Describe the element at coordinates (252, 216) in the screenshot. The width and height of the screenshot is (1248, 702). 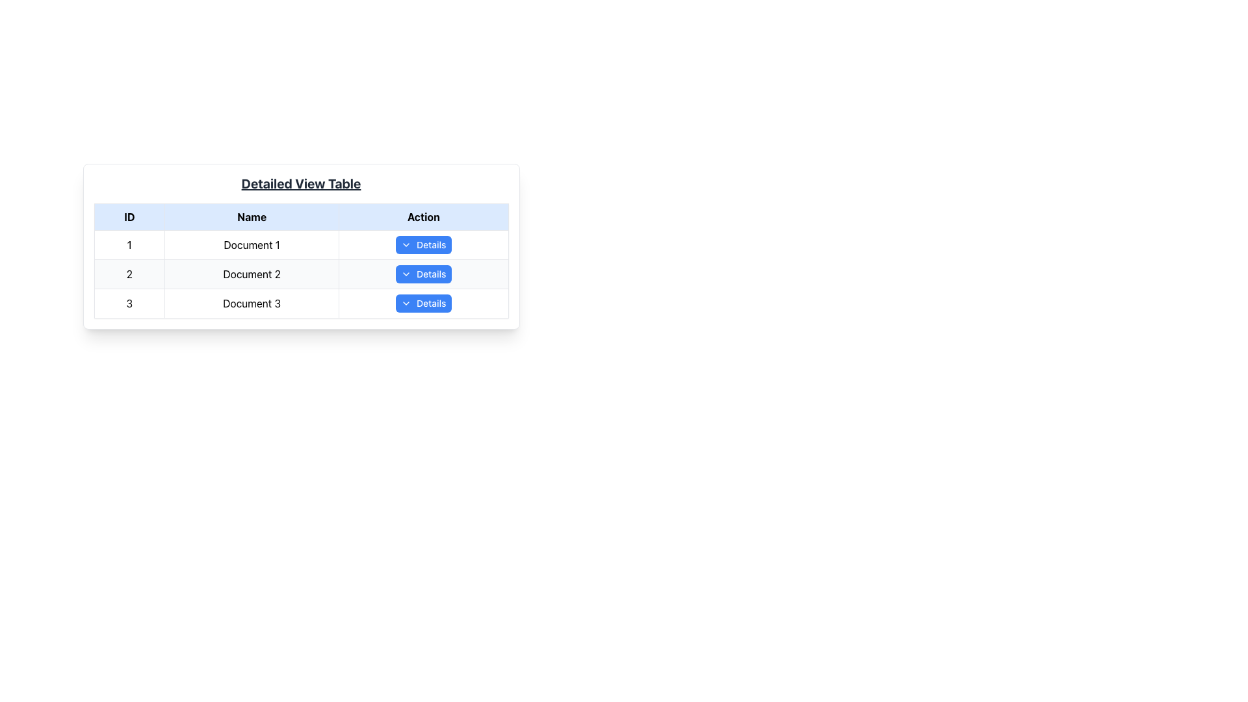
I see `the 'Name' column header cell in the table, which is the second column header located between the 'ID' and 'Action' columns` at that location.